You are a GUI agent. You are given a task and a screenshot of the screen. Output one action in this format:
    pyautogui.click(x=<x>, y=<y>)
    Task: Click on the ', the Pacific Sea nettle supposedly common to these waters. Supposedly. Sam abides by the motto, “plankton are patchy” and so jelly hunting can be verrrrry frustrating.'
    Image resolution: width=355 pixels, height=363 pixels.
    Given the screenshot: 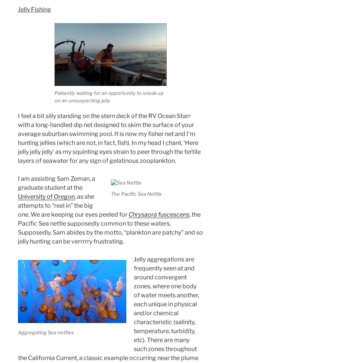 What is the action you would take?
    pyautogui.click(x=18, y=227)
    